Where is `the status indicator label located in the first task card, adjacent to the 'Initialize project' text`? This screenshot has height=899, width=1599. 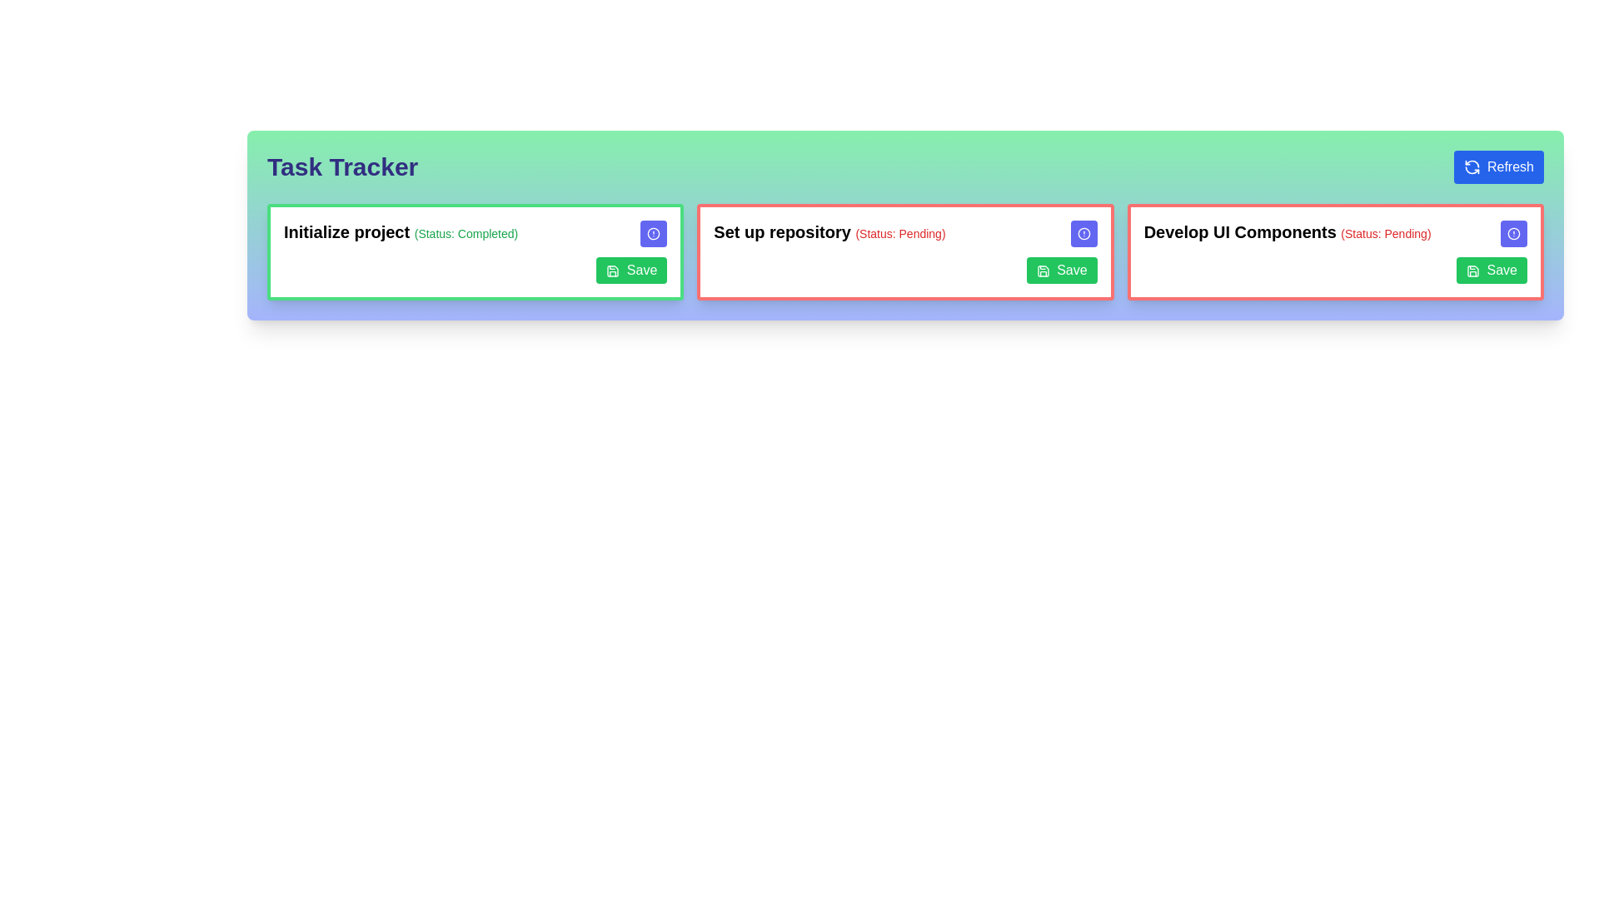 the status indicator label located in the first task card, adjacent to the 'Initialize project' text is located at coordinates (466, 234).